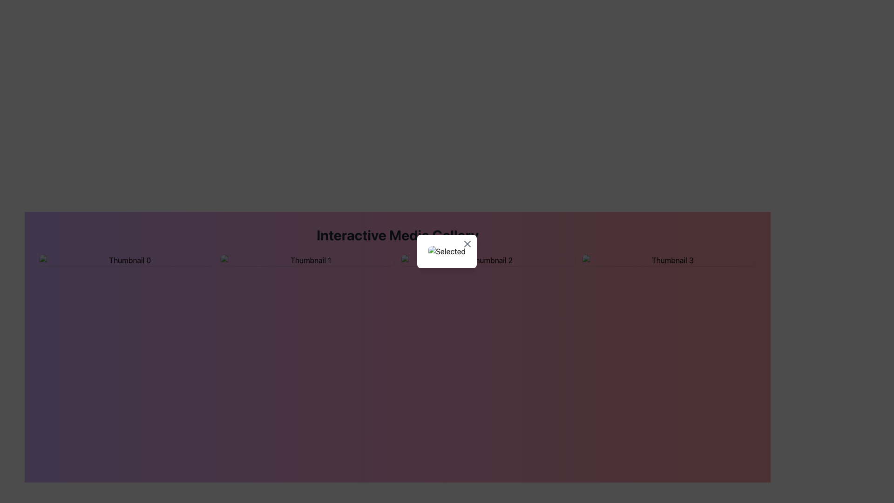 This screenshot has height=503, width=894. Describe the element at coordinates (447, 251) in the screenshot. I see `the image labeled 'Selected' within the white rounded rectangular Popup modal` at that location.